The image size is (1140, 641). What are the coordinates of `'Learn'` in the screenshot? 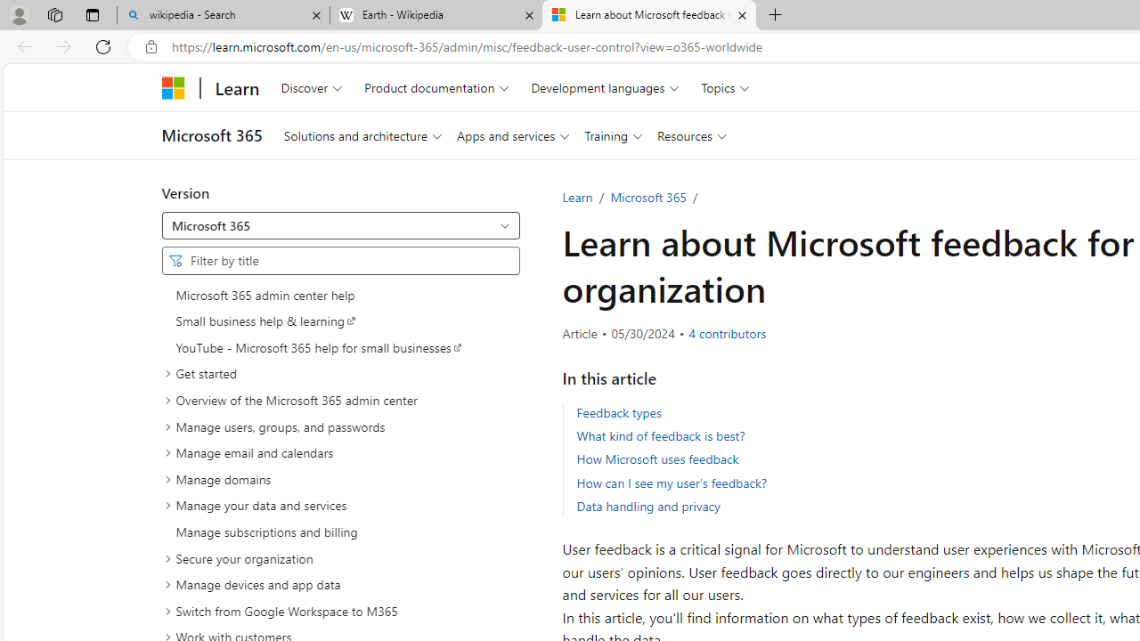 It's located at (577, 197).